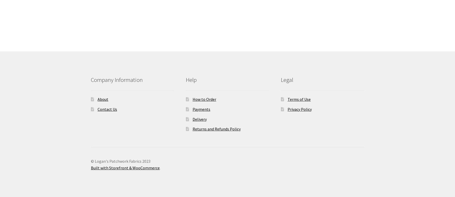  I want to click on 'Returns and Refunds Policy', so click(216, 129).